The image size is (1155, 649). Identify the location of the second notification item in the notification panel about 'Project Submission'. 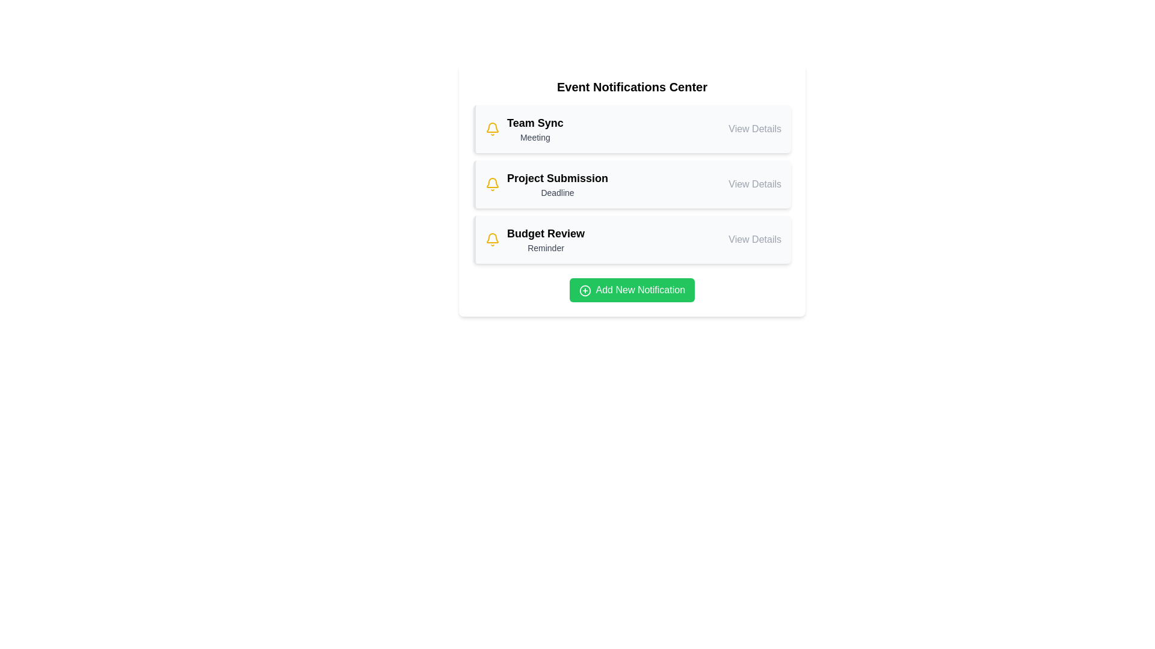
(632, 184).